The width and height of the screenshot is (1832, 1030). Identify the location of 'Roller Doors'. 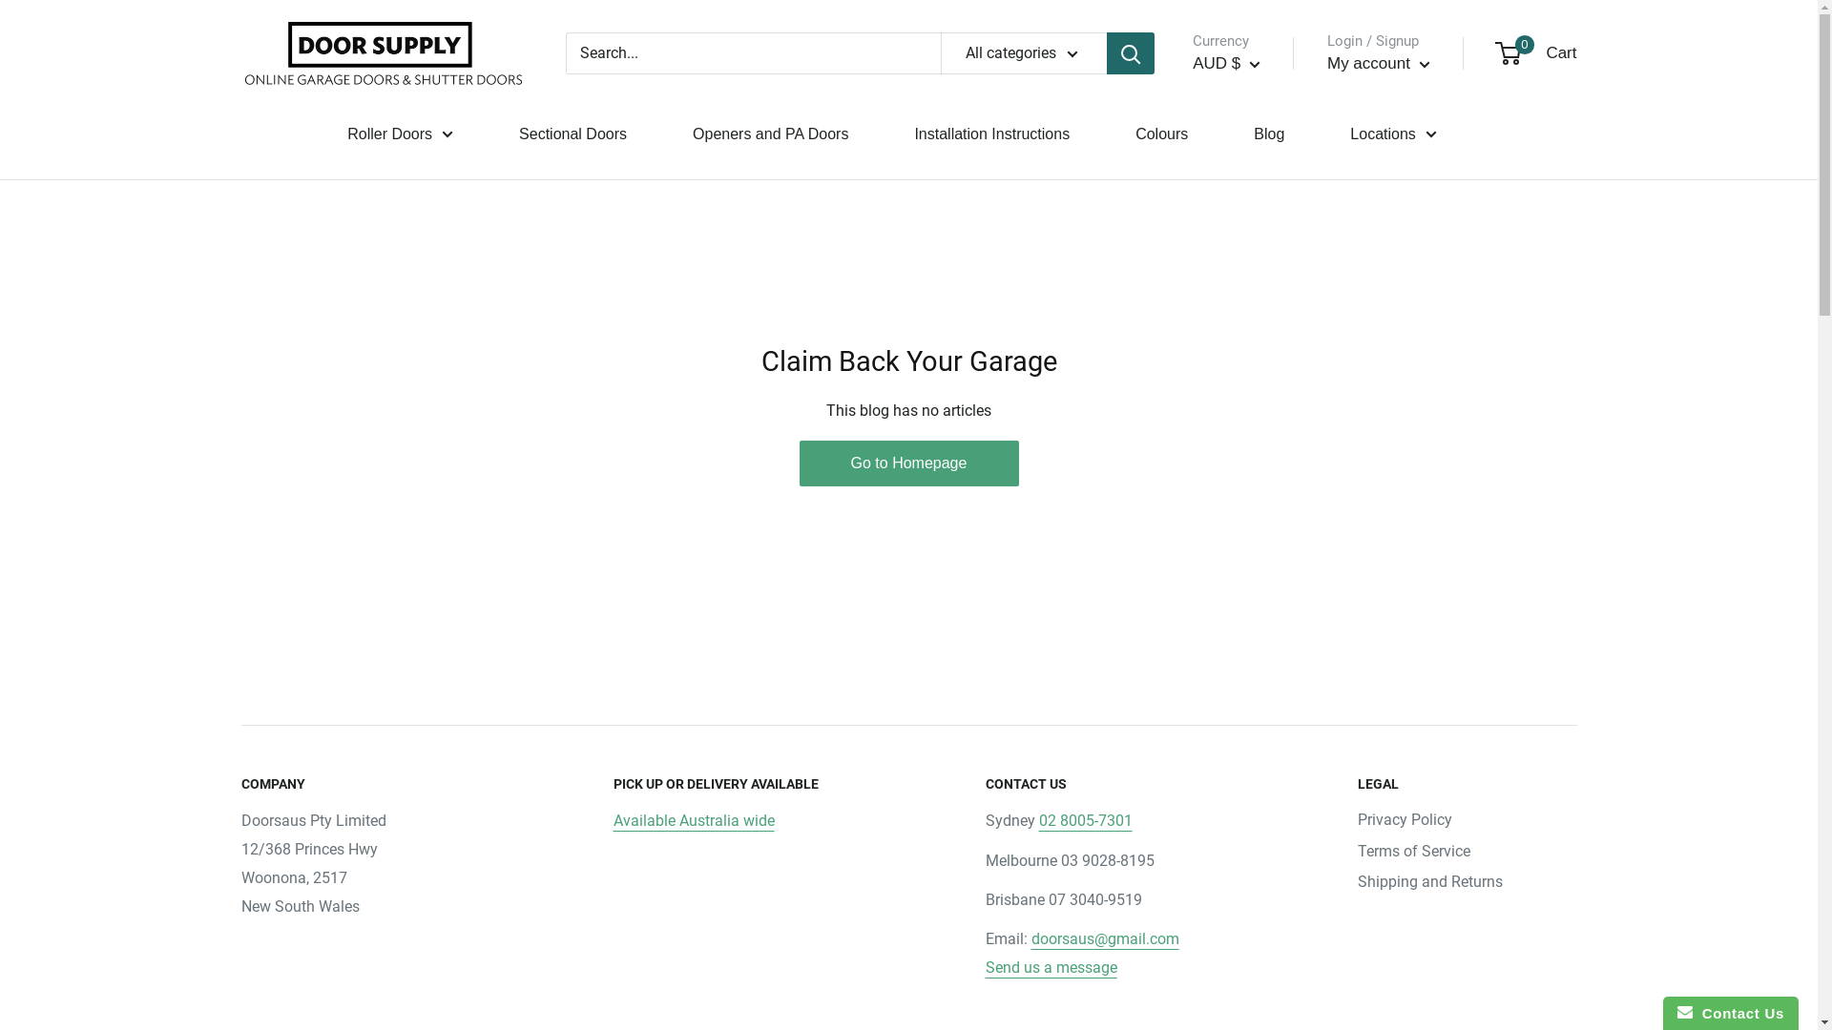
(399, 134).